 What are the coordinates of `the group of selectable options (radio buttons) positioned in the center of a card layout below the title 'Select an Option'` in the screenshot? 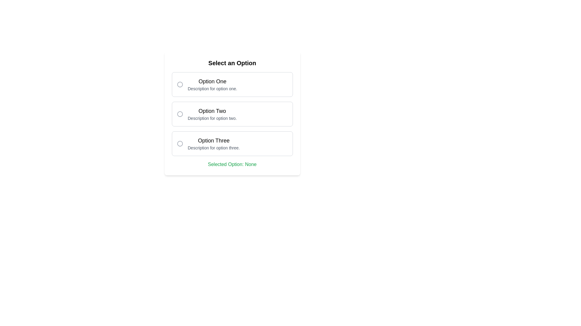 It's located at (232, 114).